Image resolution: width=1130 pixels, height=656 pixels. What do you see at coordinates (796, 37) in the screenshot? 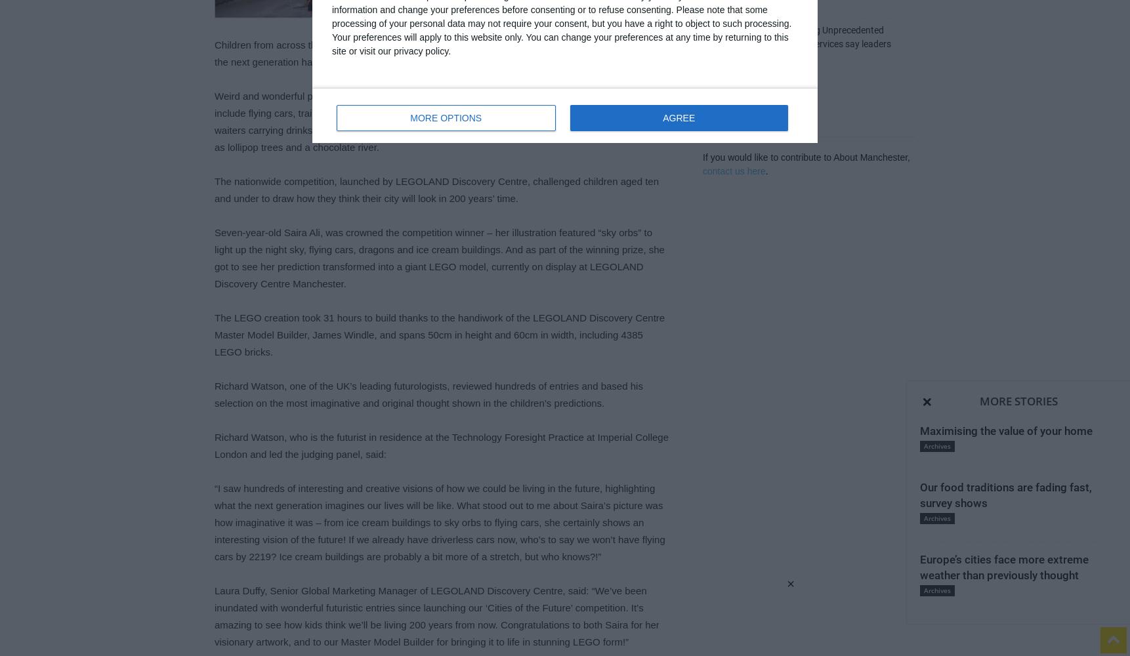
I see `'Greater Manchester is facing Unprecedented demand on homelessness services say leaders'` at bounding box center [796, 37].